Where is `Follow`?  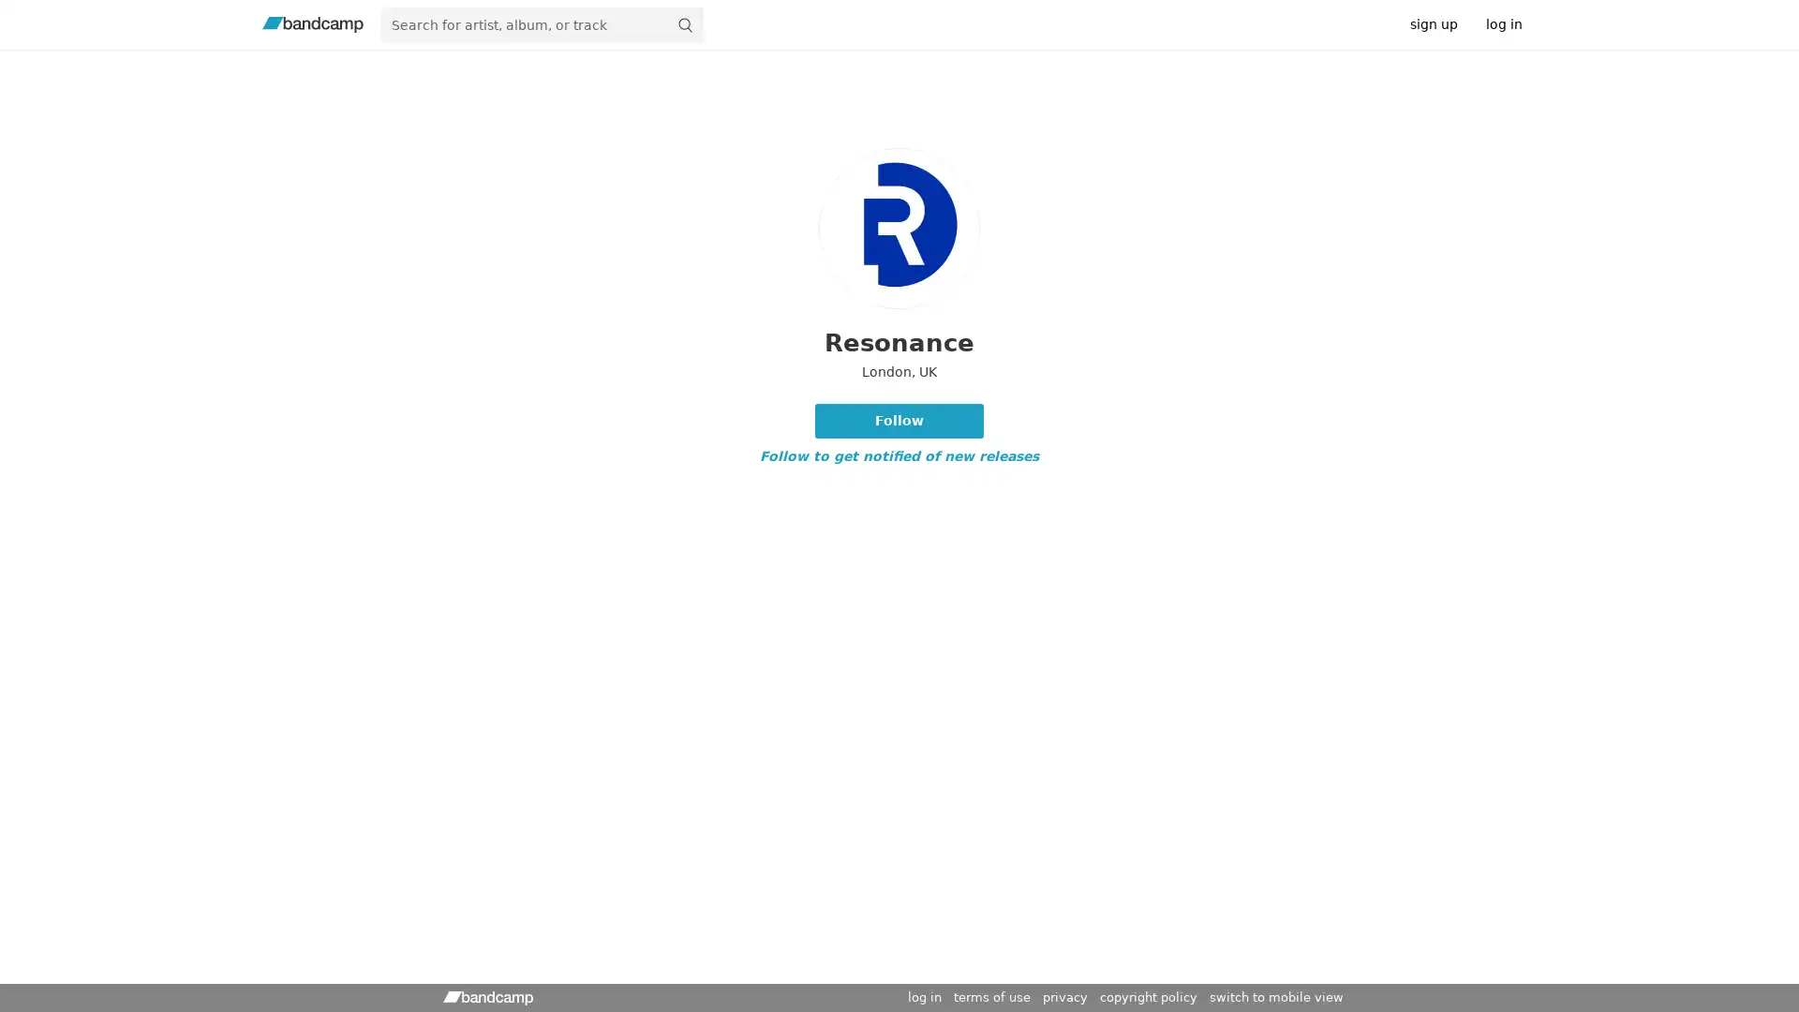 Follow is located at coordinates (899, 420).